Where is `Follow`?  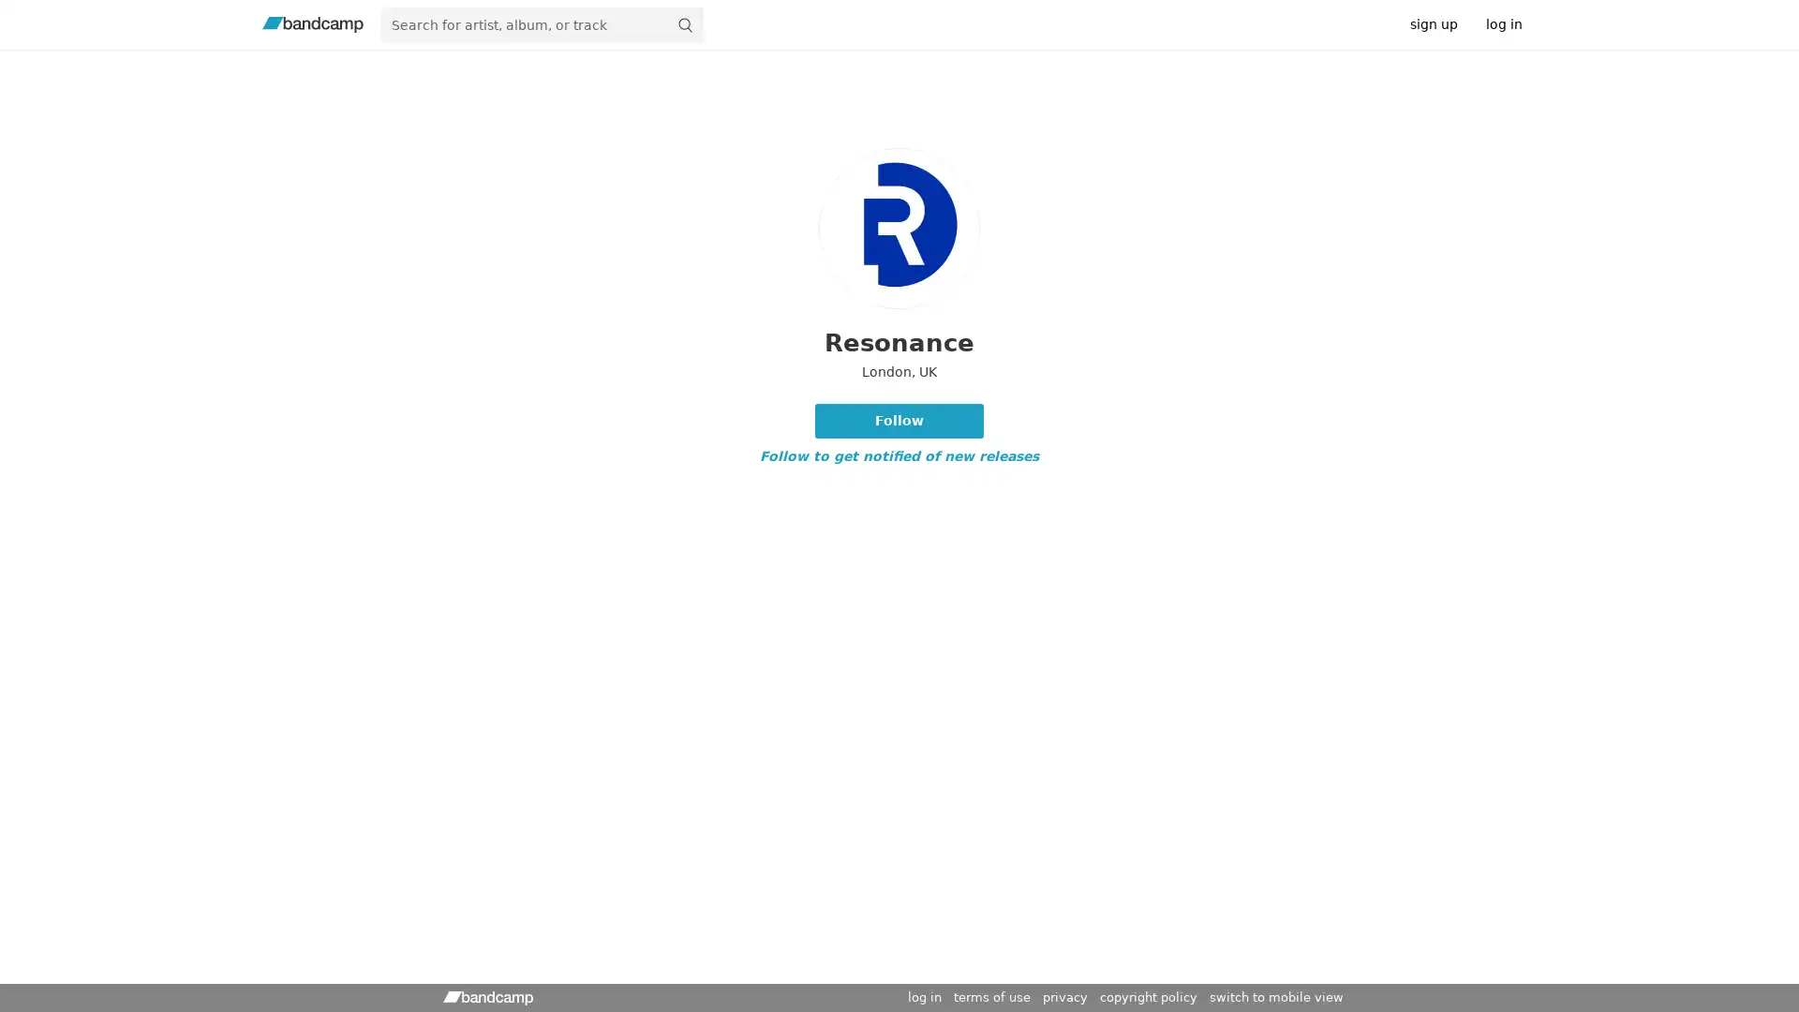 Follow is located at coordinates (899, 420).